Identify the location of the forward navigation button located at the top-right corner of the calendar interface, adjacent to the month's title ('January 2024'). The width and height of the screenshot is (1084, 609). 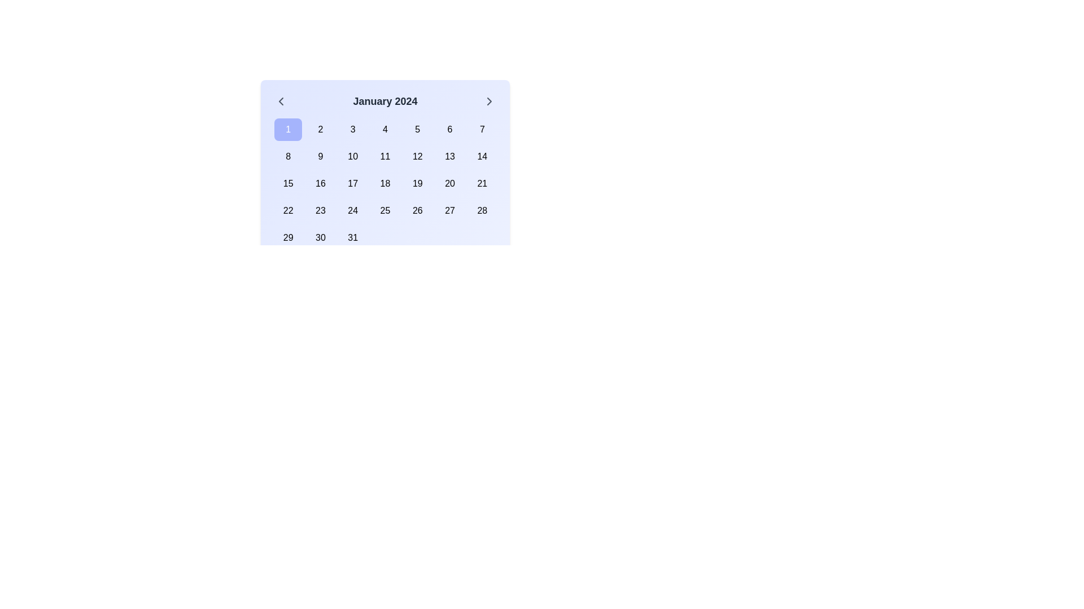
(489, 101).